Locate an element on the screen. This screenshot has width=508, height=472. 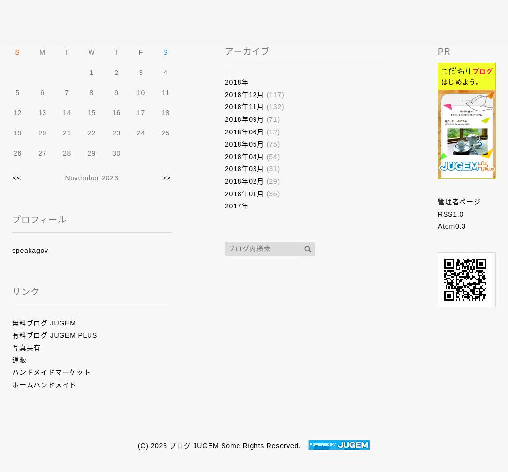
'有料ブログ JUGEM PLUS' is located at coordinates (12, 334).